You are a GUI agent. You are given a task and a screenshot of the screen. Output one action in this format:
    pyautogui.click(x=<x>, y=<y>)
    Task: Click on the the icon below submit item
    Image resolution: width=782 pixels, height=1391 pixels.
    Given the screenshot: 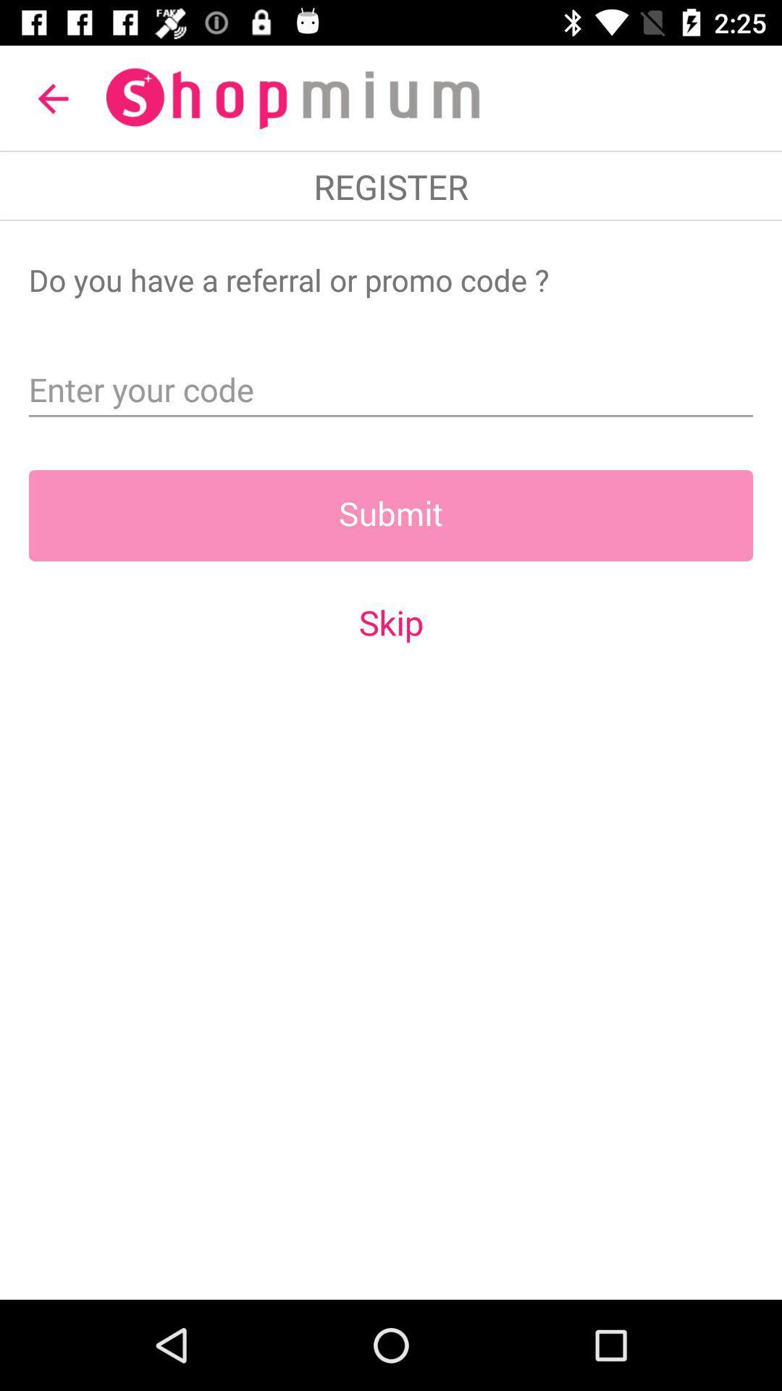 What is the action you would take?
    pyautogui.click(x=391, y=622)
    